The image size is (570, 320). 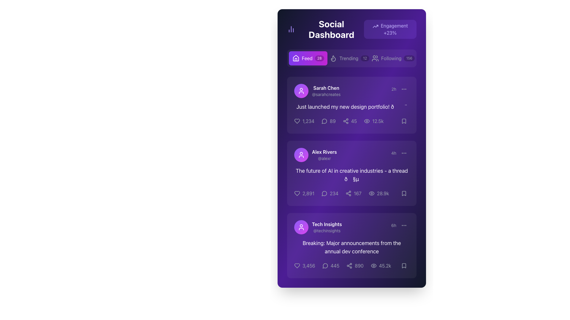 What do you see at coordinates (332, 121) in the screenshot?
I see `the comment count indicator located directly to the right of the comment icon in the interaction bar of the first post in the feed` at bounding box center [332, 121].